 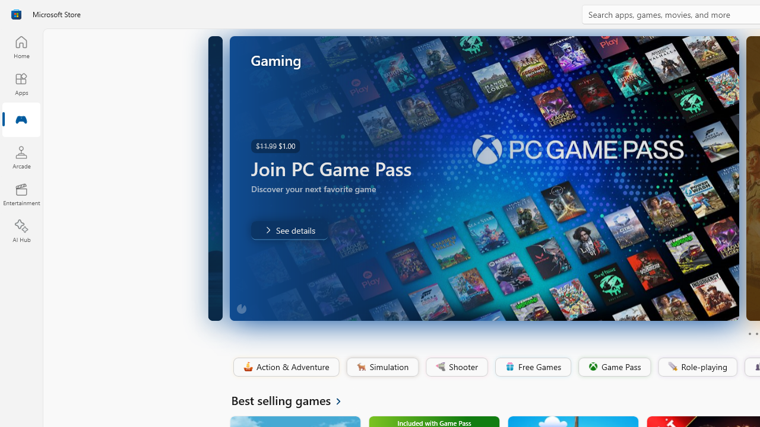 I want to click on 'Role-playing', so click(x=698, y=367).